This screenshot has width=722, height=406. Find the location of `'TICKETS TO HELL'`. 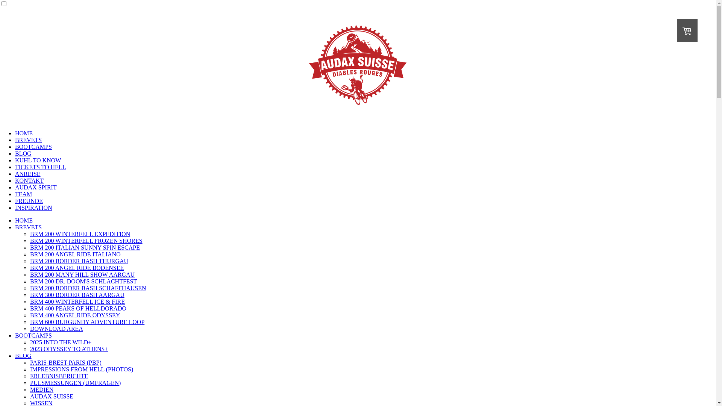

'TICKETS TO HELL' is located at coordinates (40, 167).